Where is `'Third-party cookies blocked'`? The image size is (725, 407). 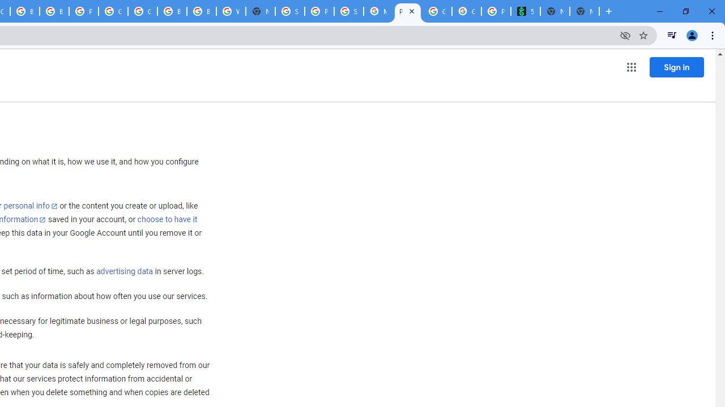
'Third-party cookies blocked' is located at coordinates (625, 34).